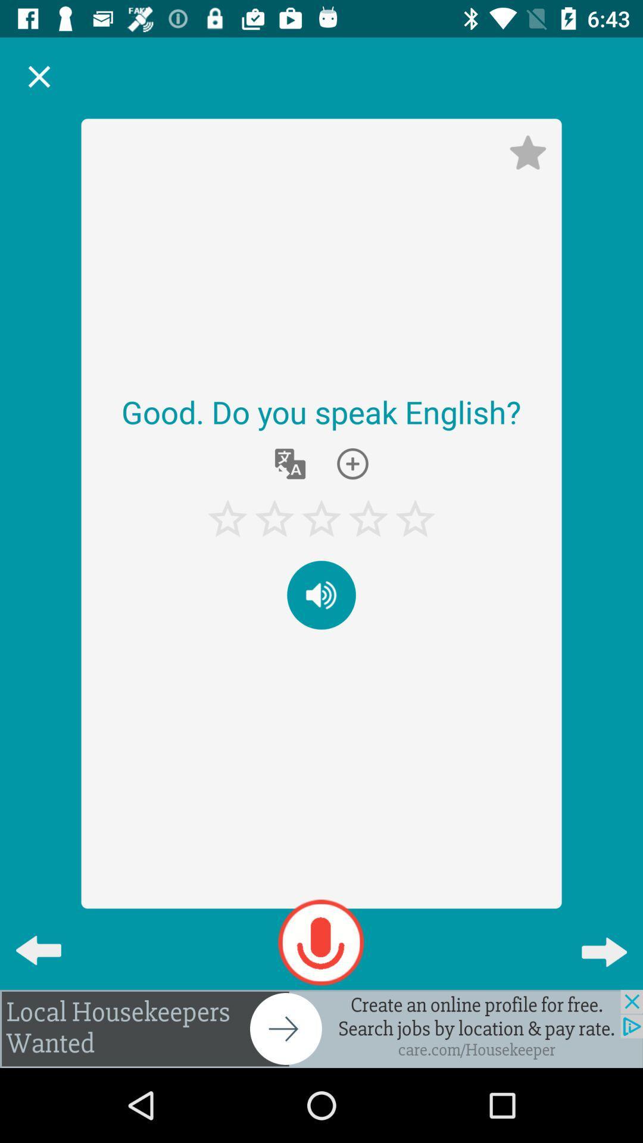  Describe the element at coordinates (38, 76) in the screenshot. I see `the close icon` at that location.